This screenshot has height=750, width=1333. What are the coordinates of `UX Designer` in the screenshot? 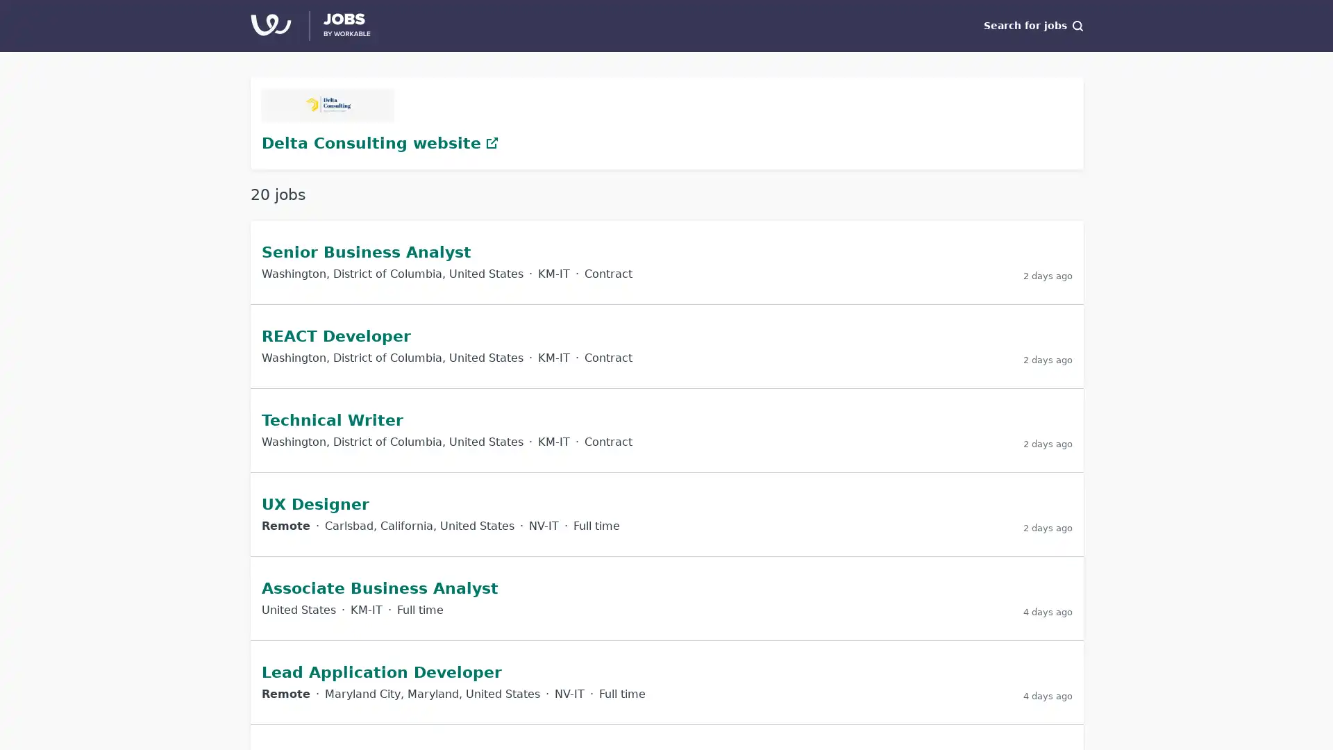 It's located at (315, 503).